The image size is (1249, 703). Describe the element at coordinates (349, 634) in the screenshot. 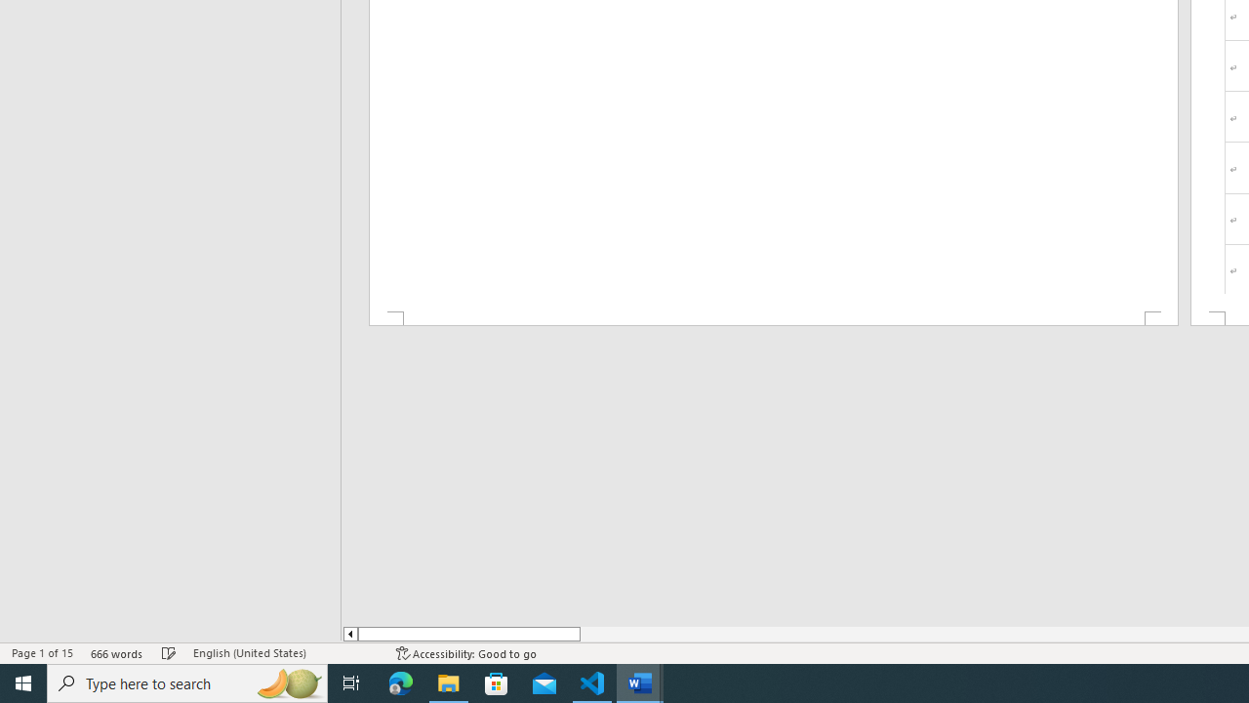

I see `'Column left'` at that location.